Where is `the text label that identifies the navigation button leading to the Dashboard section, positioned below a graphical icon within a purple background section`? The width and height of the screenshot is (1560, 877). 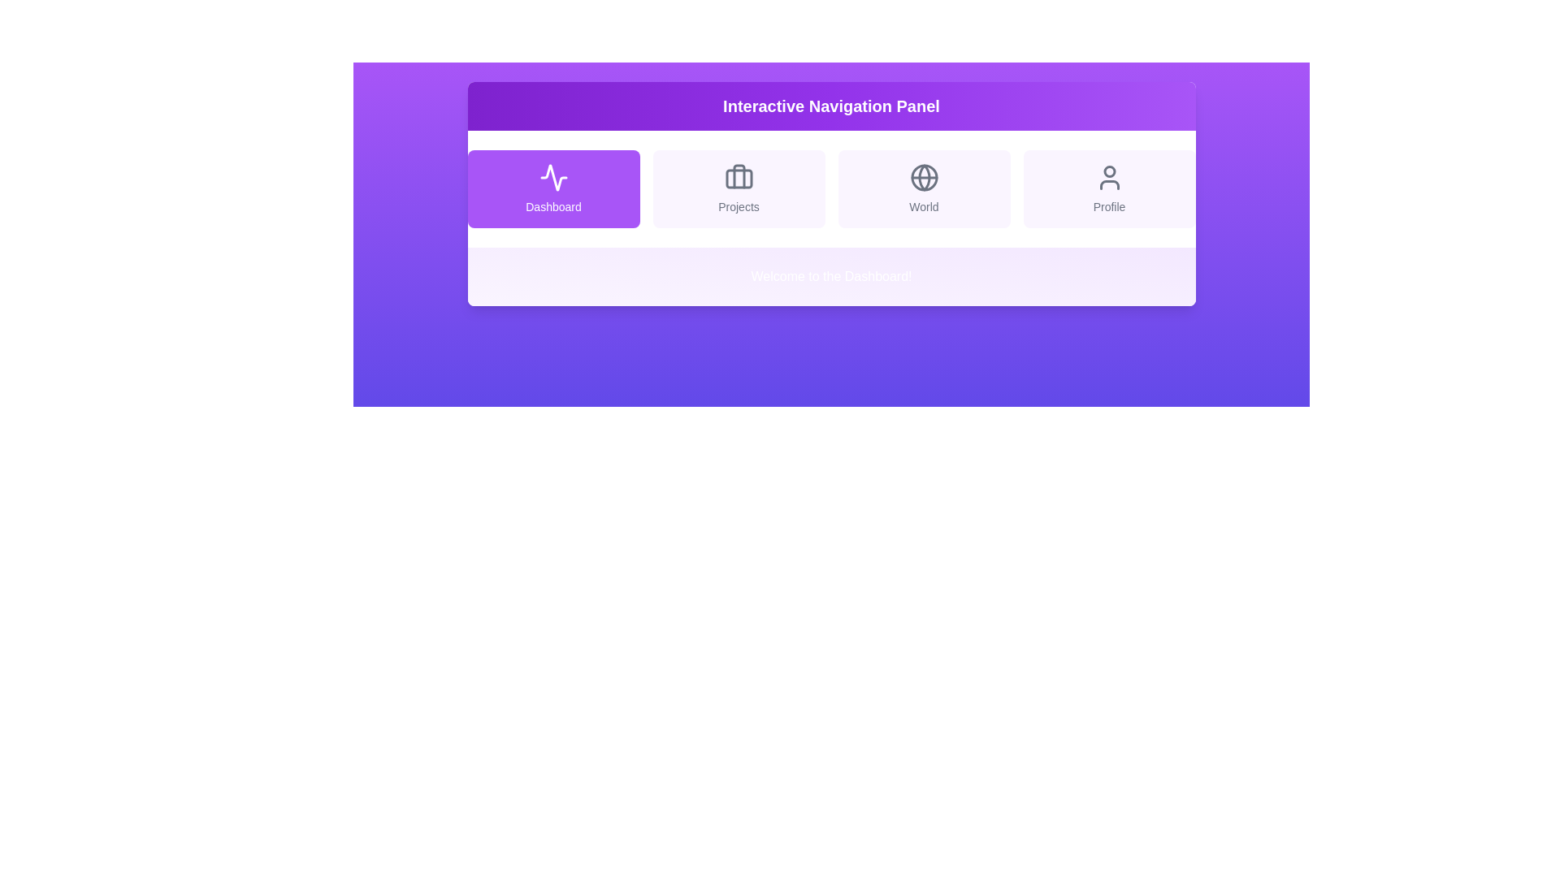
the text label that identifies the navigation button leading to the Dashboard section, positioned below a graphical icon within a purple background section is located at coordinates (553, 205).